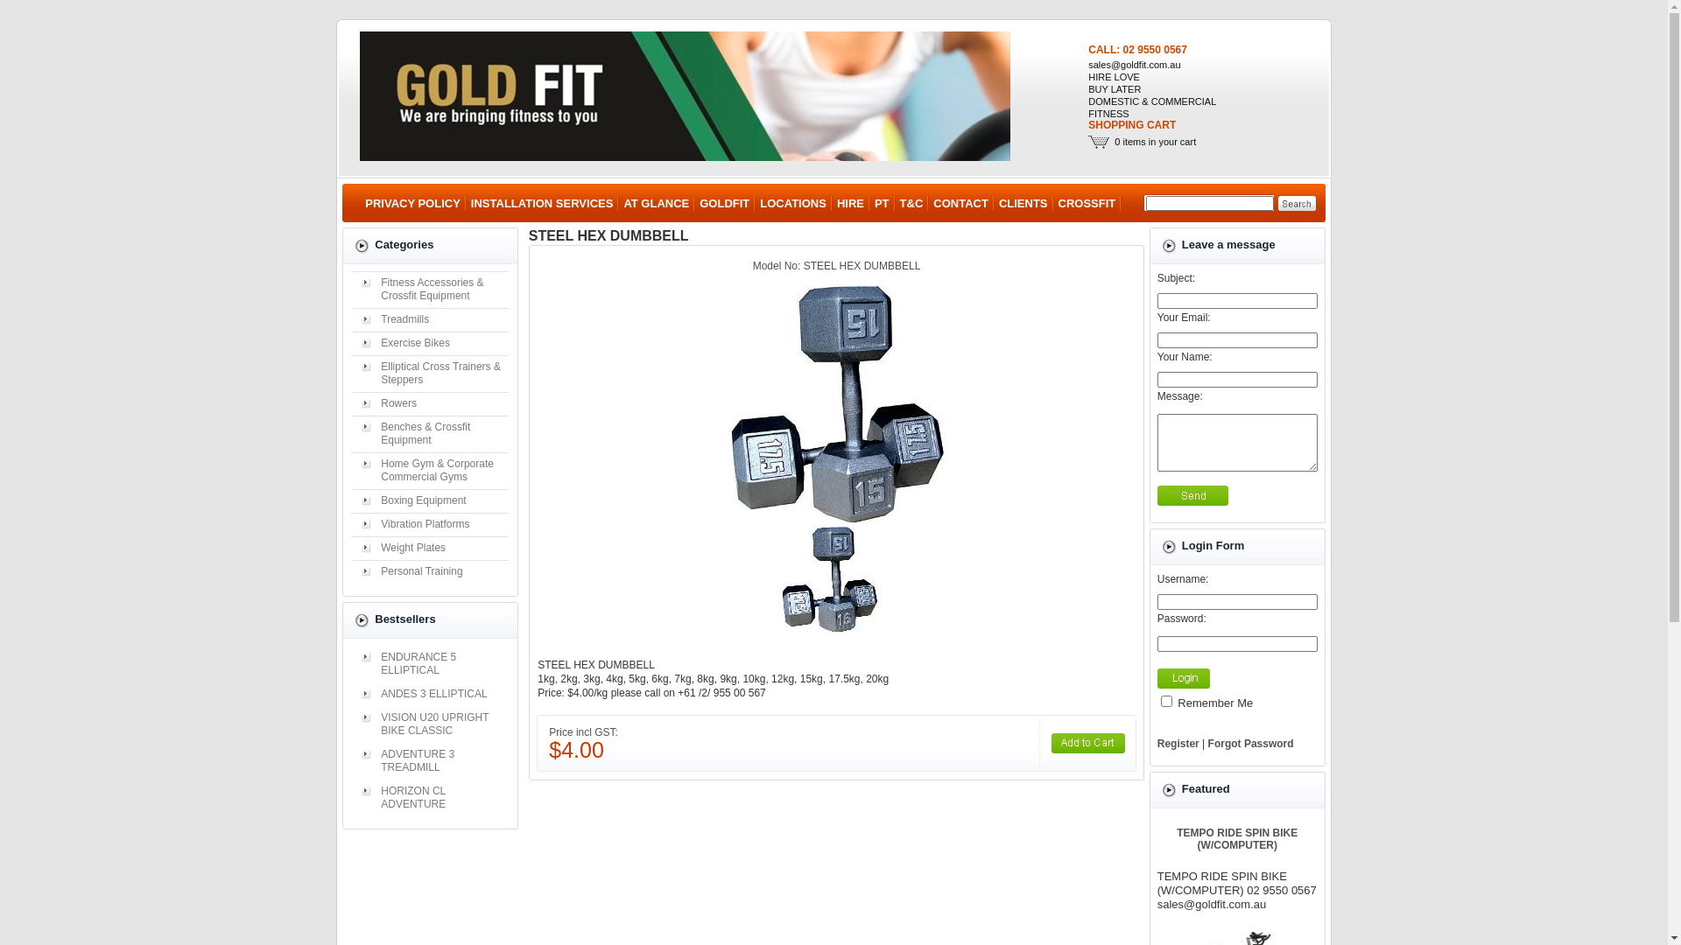  Describe the element at coordinates (655, 201) in the screenshot. I see `'AT GLANCE'` at that location.